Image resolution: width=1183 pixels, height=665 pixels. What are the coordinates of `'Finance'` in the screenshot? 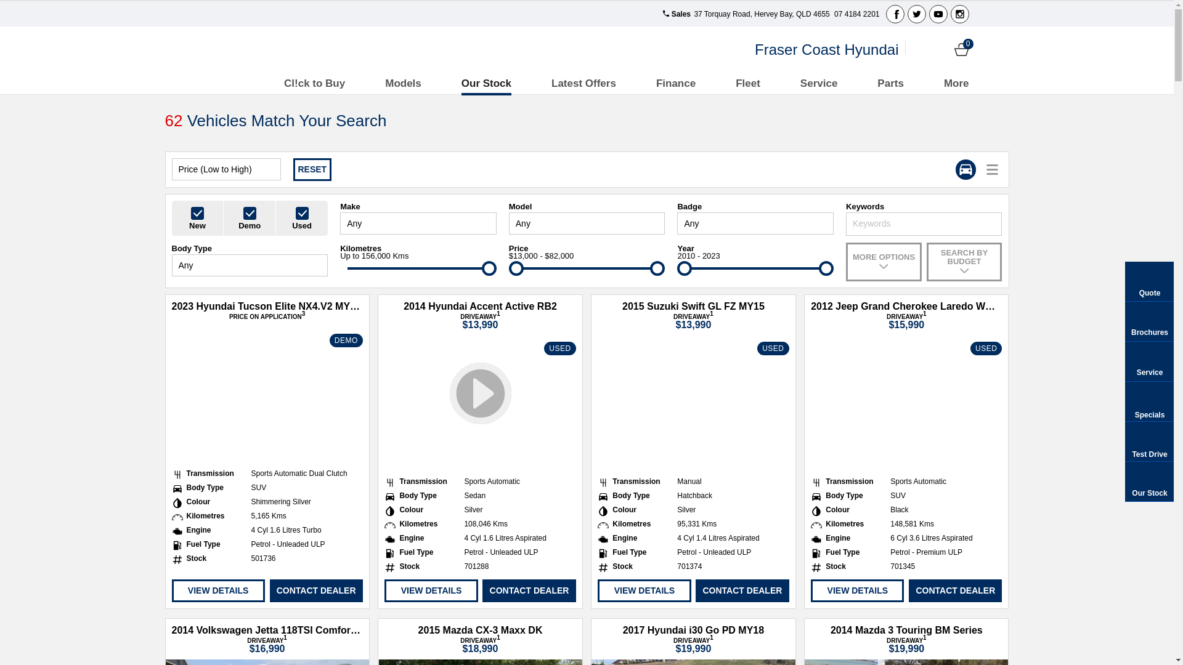 It's located at (656, 83).